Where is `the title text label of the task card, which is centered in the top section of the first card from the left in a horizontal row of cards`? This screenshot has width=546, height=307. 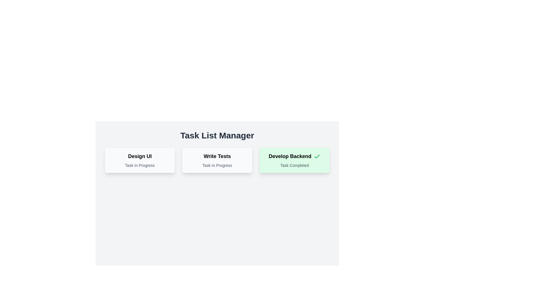 the title text label of the task card, which is centered in the top section of the first card from the left in a horizontal row of cards is located at coordinates (140, 156).